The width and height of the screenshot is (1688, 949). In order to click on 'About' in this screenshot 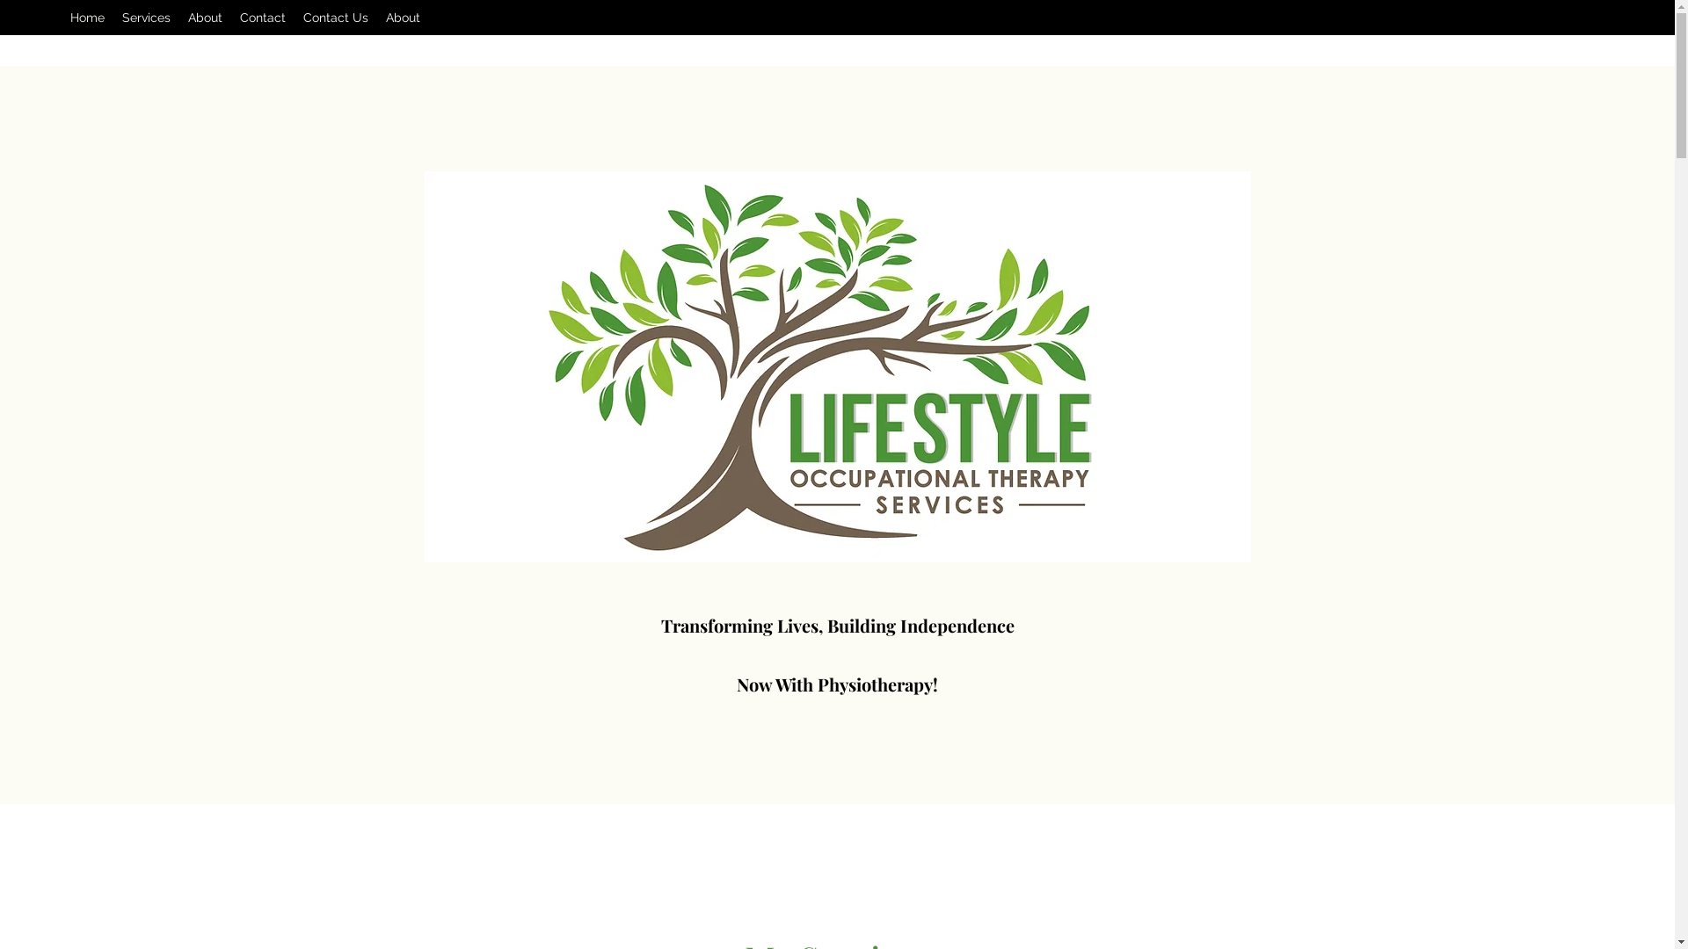, I will do `click(402, 17)`.